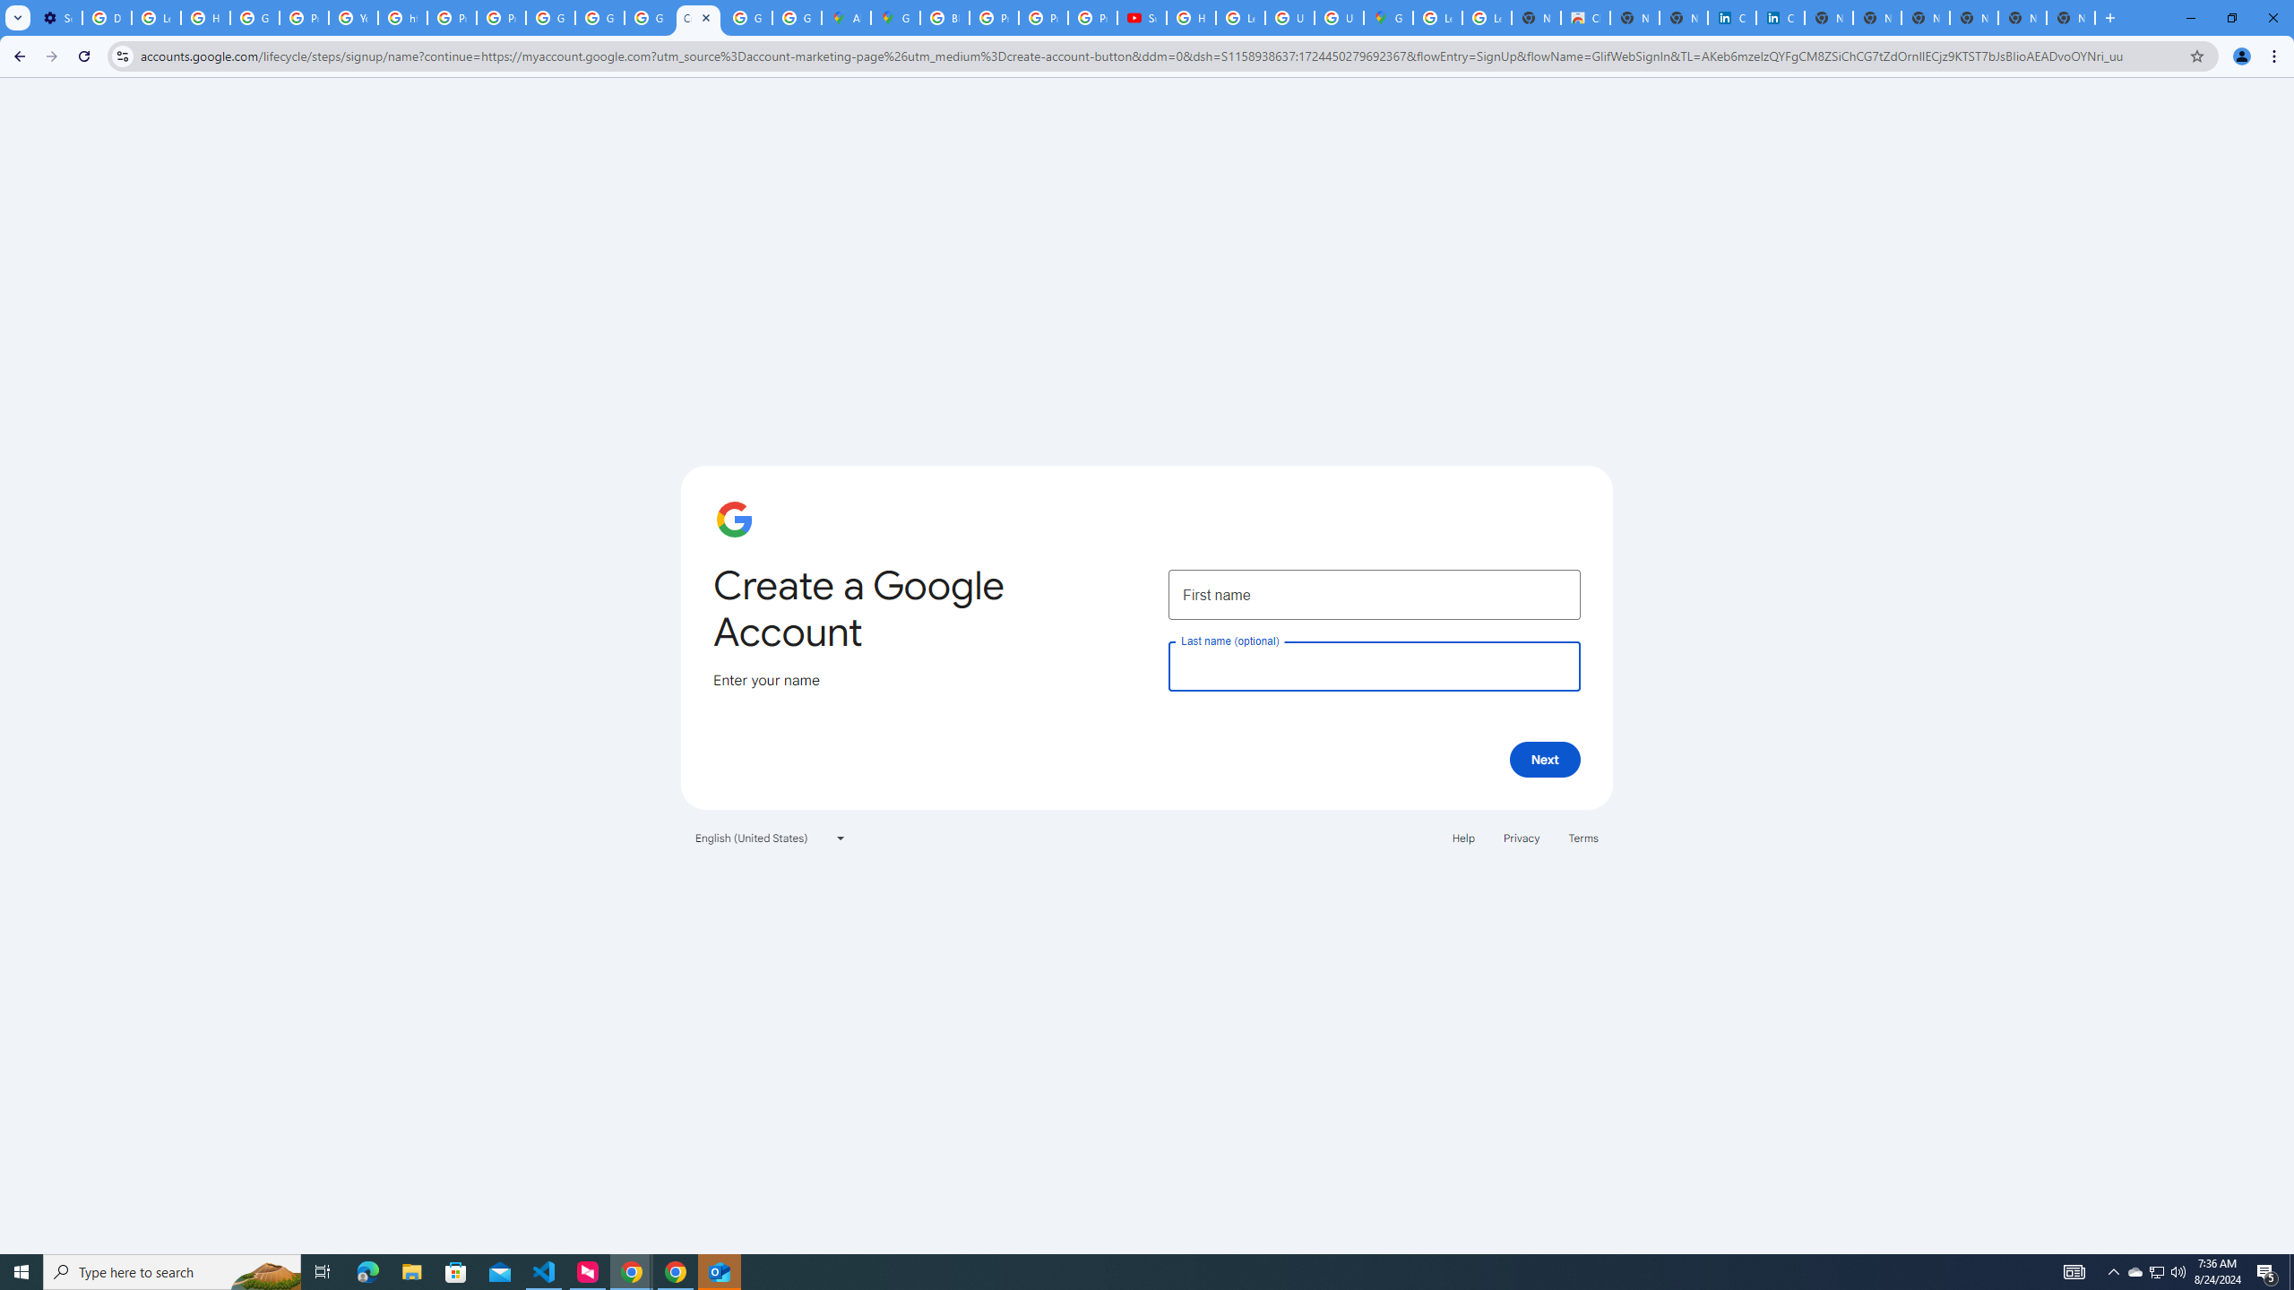 This screenshot has height=1290, width=2294. What do you see at coordinates (1373, 593) in the screenshot?
I see `'First name'` at bounding box center [1373, 593].